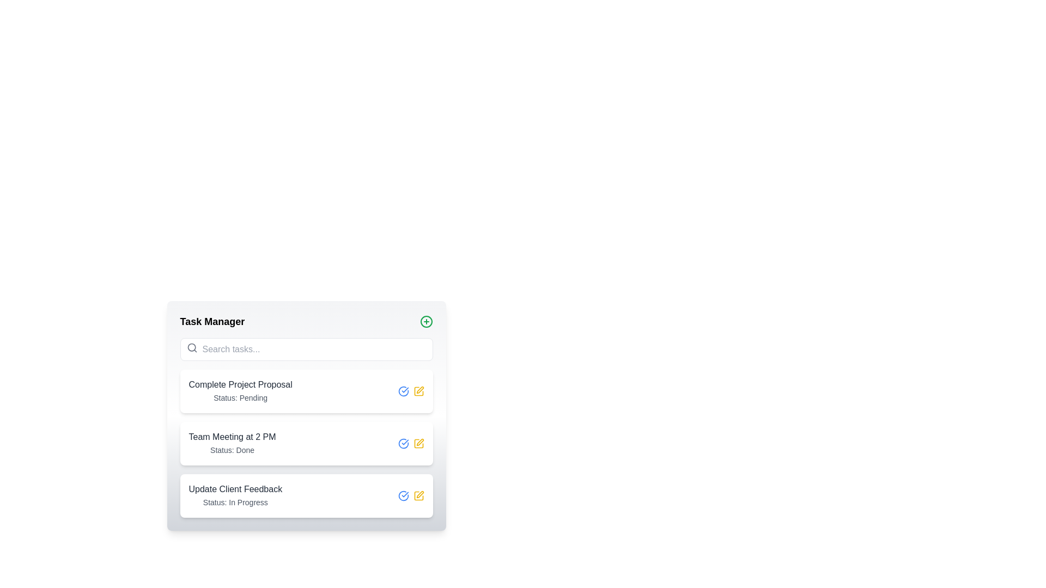 The width and height of the screenshot is (1046, 588). I want to click on the Decorative component of the yellow square pen icon located in the task item's action buttons section, so click(418, 443).